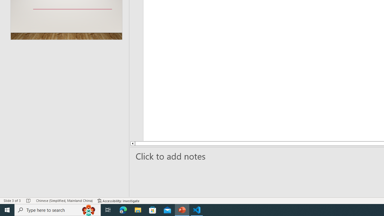 This screenshot has width=384, height=216. Describe the element at coordinates (28, 201) in the screenshot. I see `'Spell Check No Errors'` at that location.